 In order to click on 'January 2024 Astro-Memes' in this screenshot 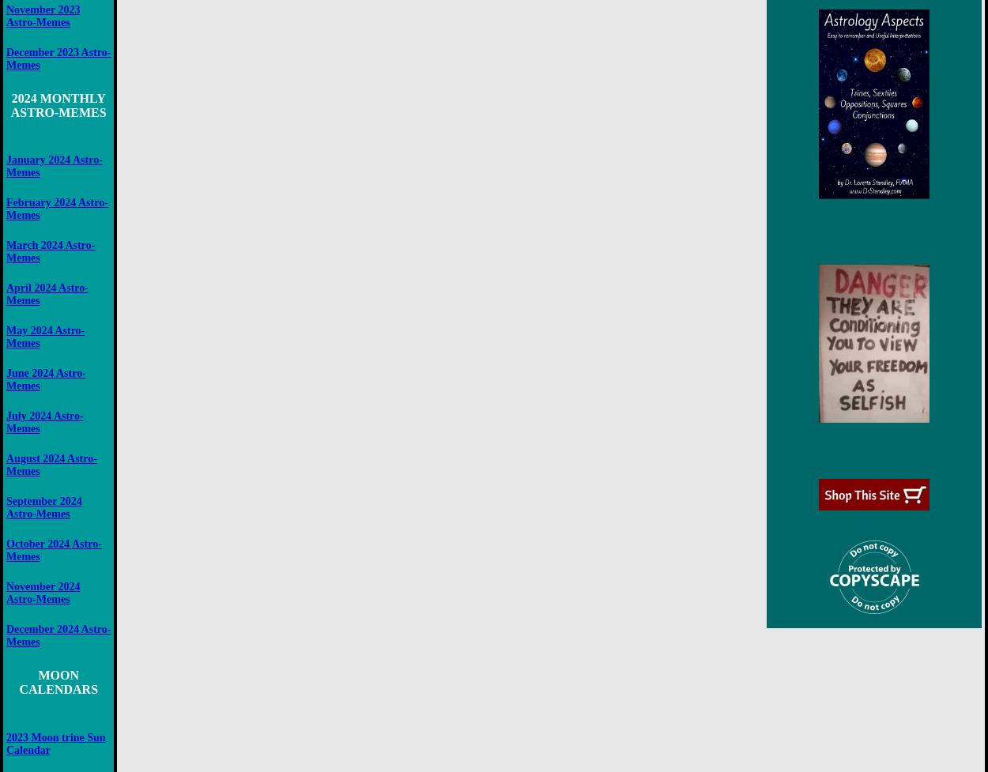, I will do `click(6, 165)`.